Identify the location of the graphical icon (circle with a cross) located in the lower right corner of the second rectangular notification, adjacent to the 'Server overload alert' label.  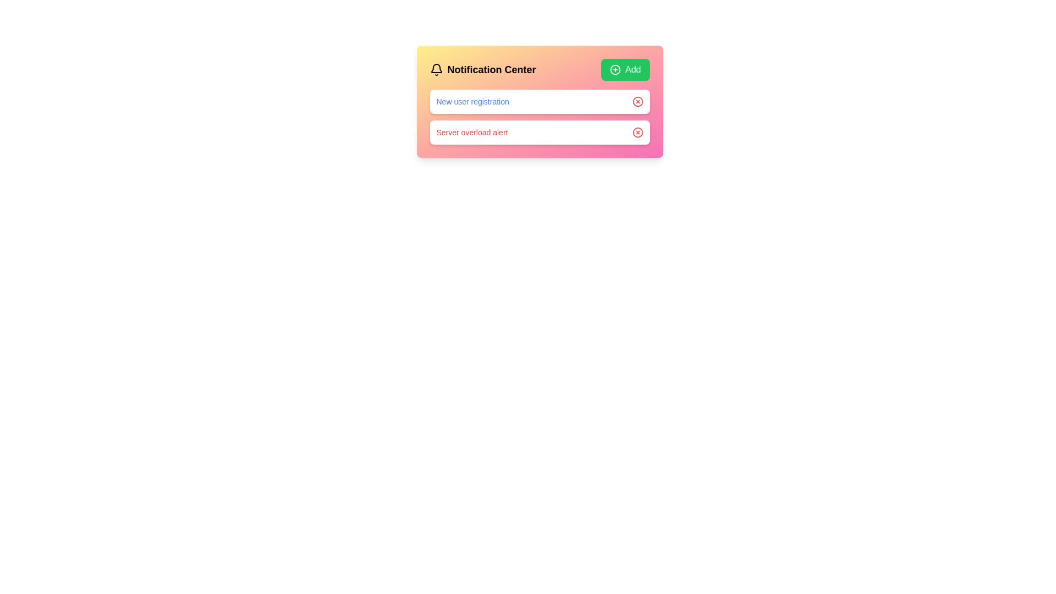
(637, 131).